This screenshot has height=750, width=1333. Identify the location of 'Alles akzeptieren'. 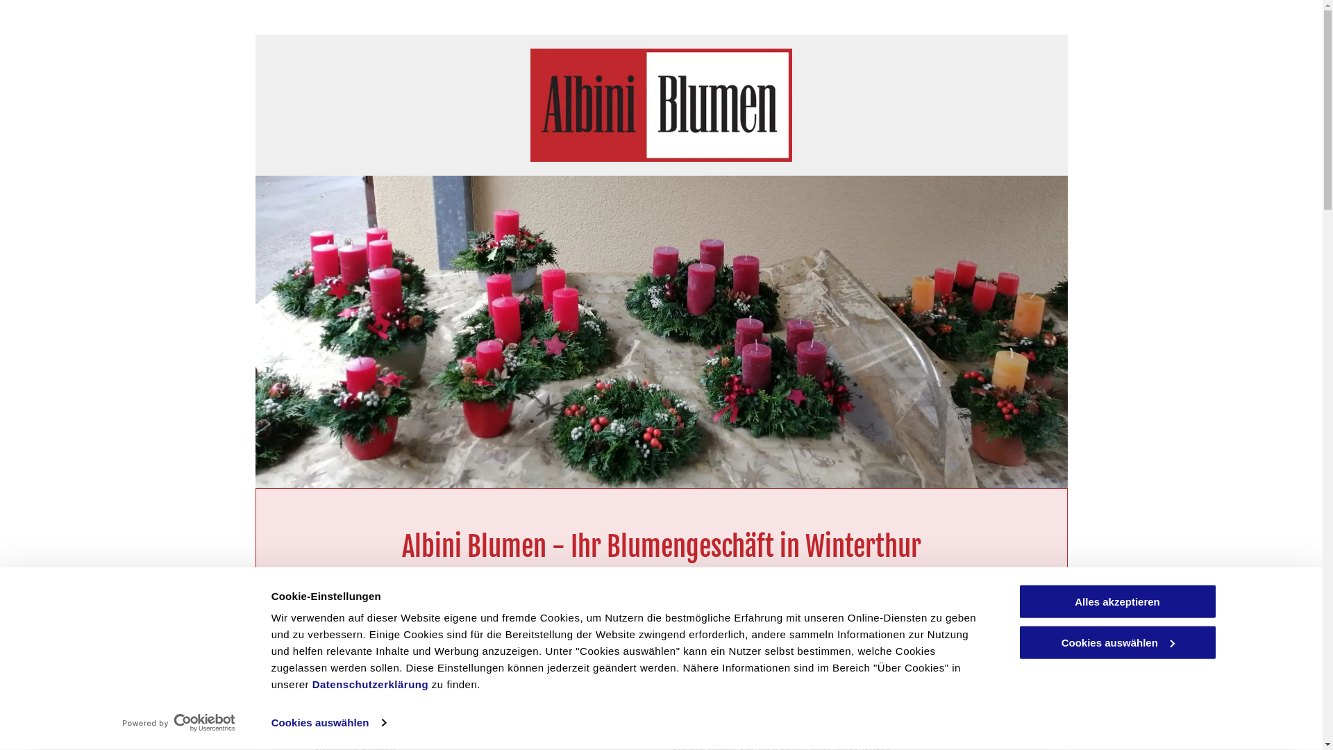
(1116, 601).